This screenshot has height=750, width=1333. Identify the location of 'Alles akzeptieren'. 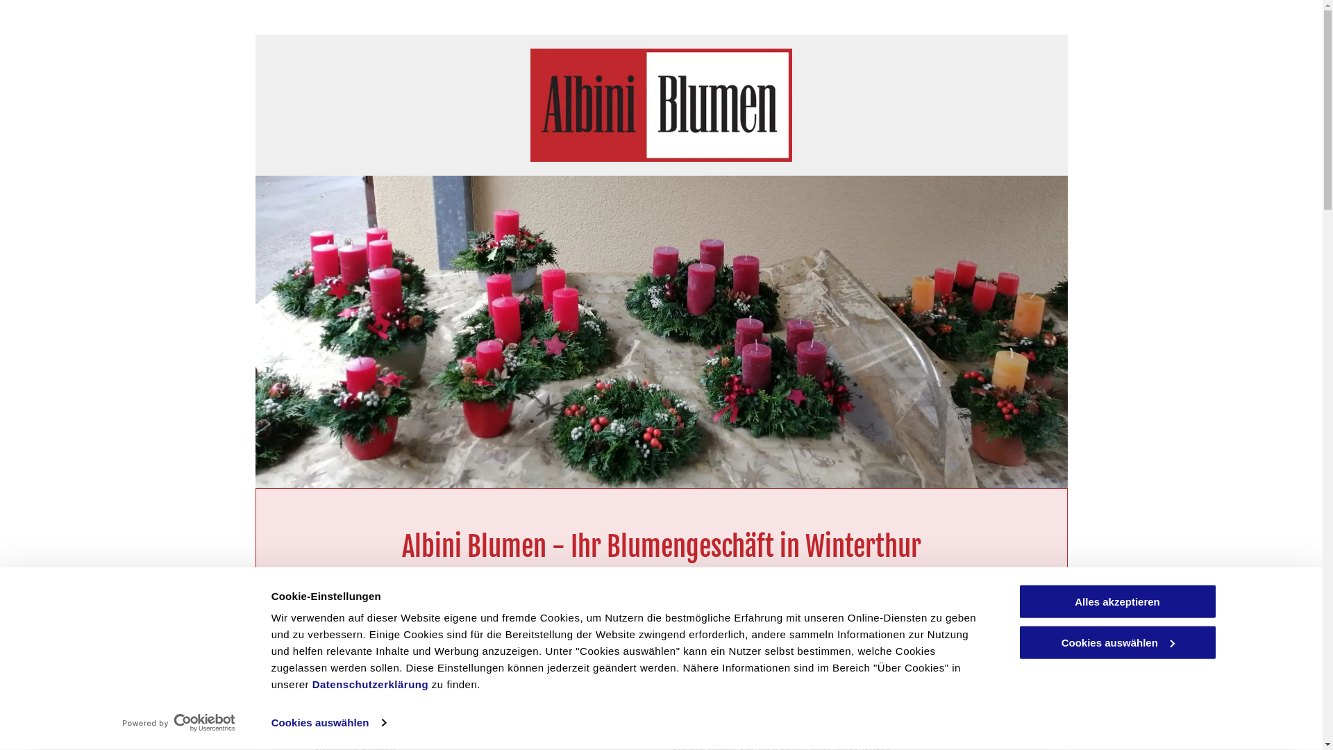
(1116, 601).